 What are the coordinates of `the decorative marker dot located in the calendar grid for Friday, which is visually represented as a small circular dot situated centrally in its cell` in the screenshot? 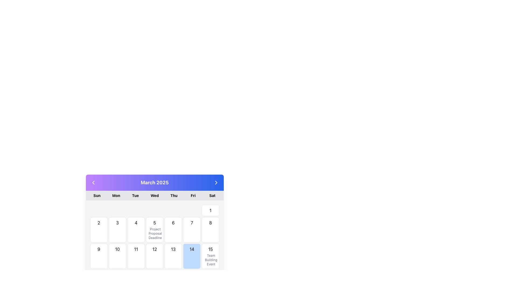 It's located at (192, 210).